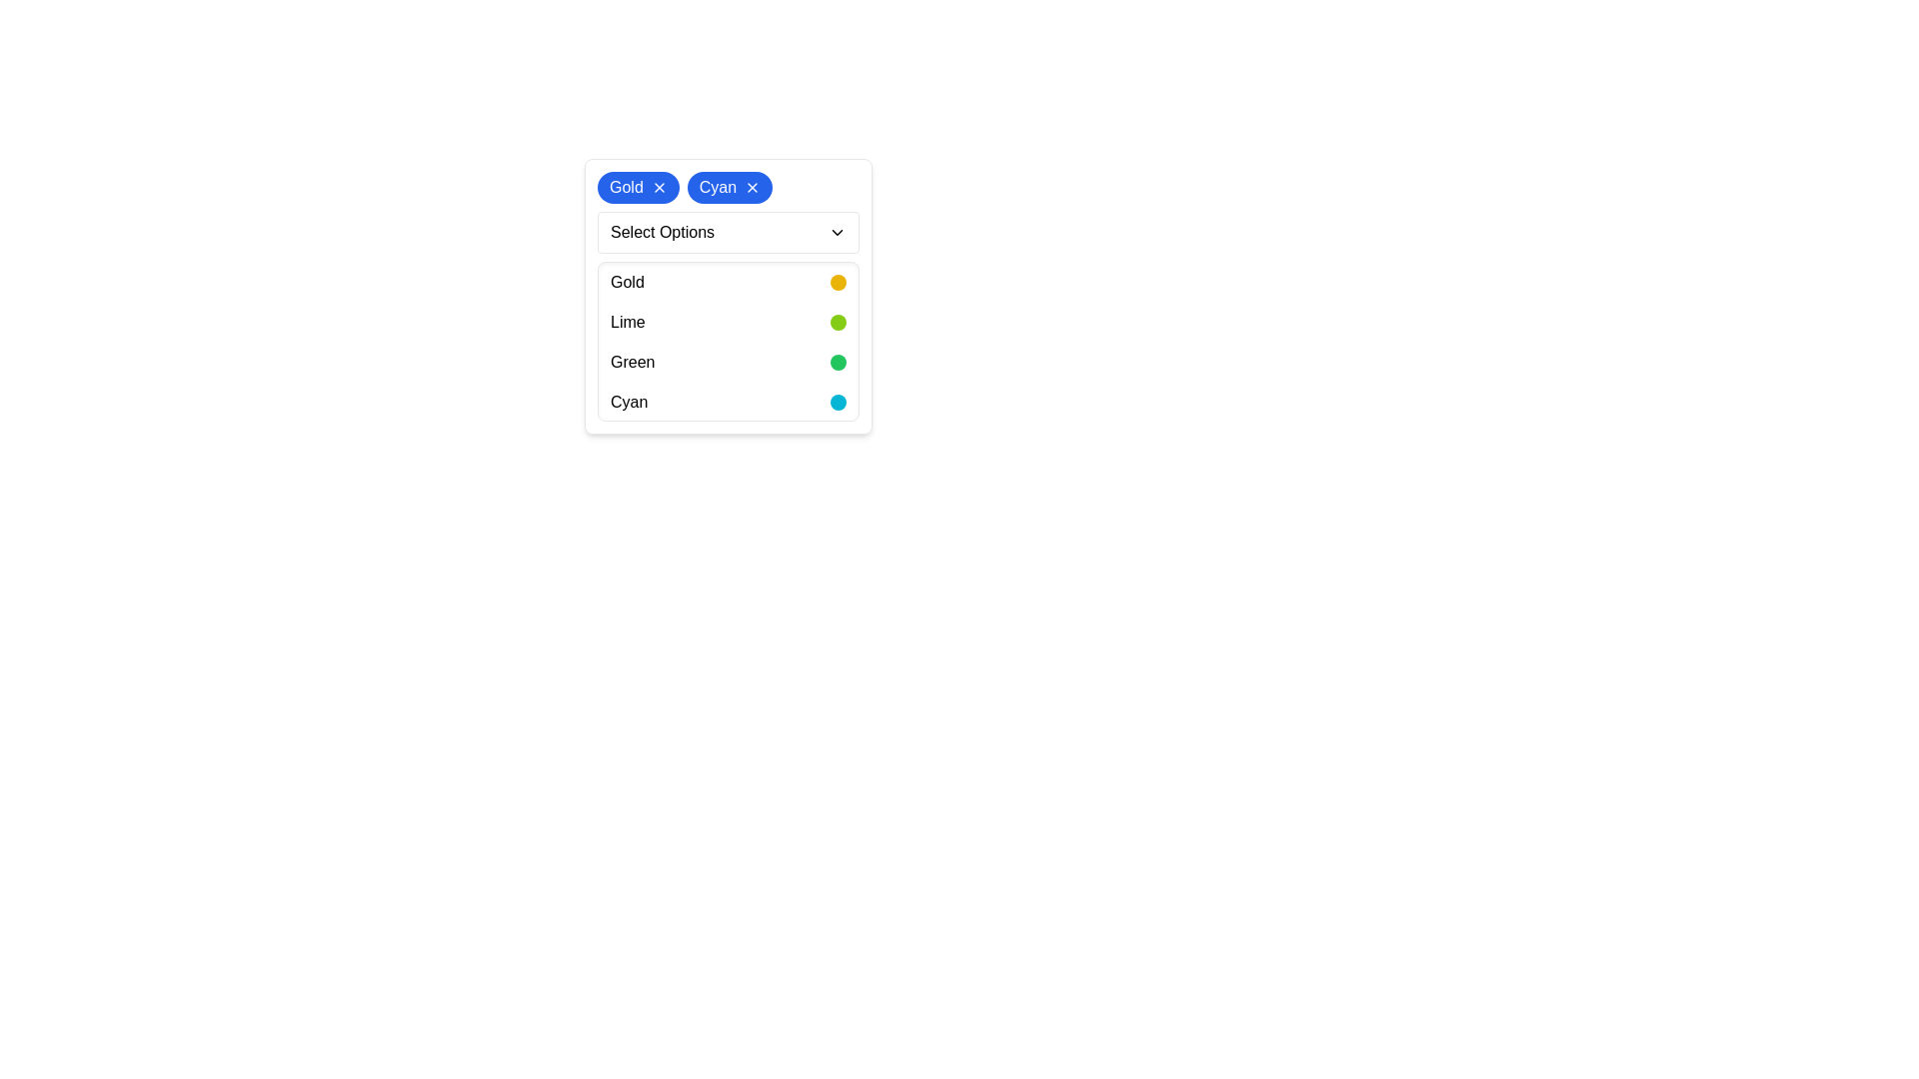  I want to click on the 'X' icon of the first interactive tag representing 'Gold', so click(637, 188).